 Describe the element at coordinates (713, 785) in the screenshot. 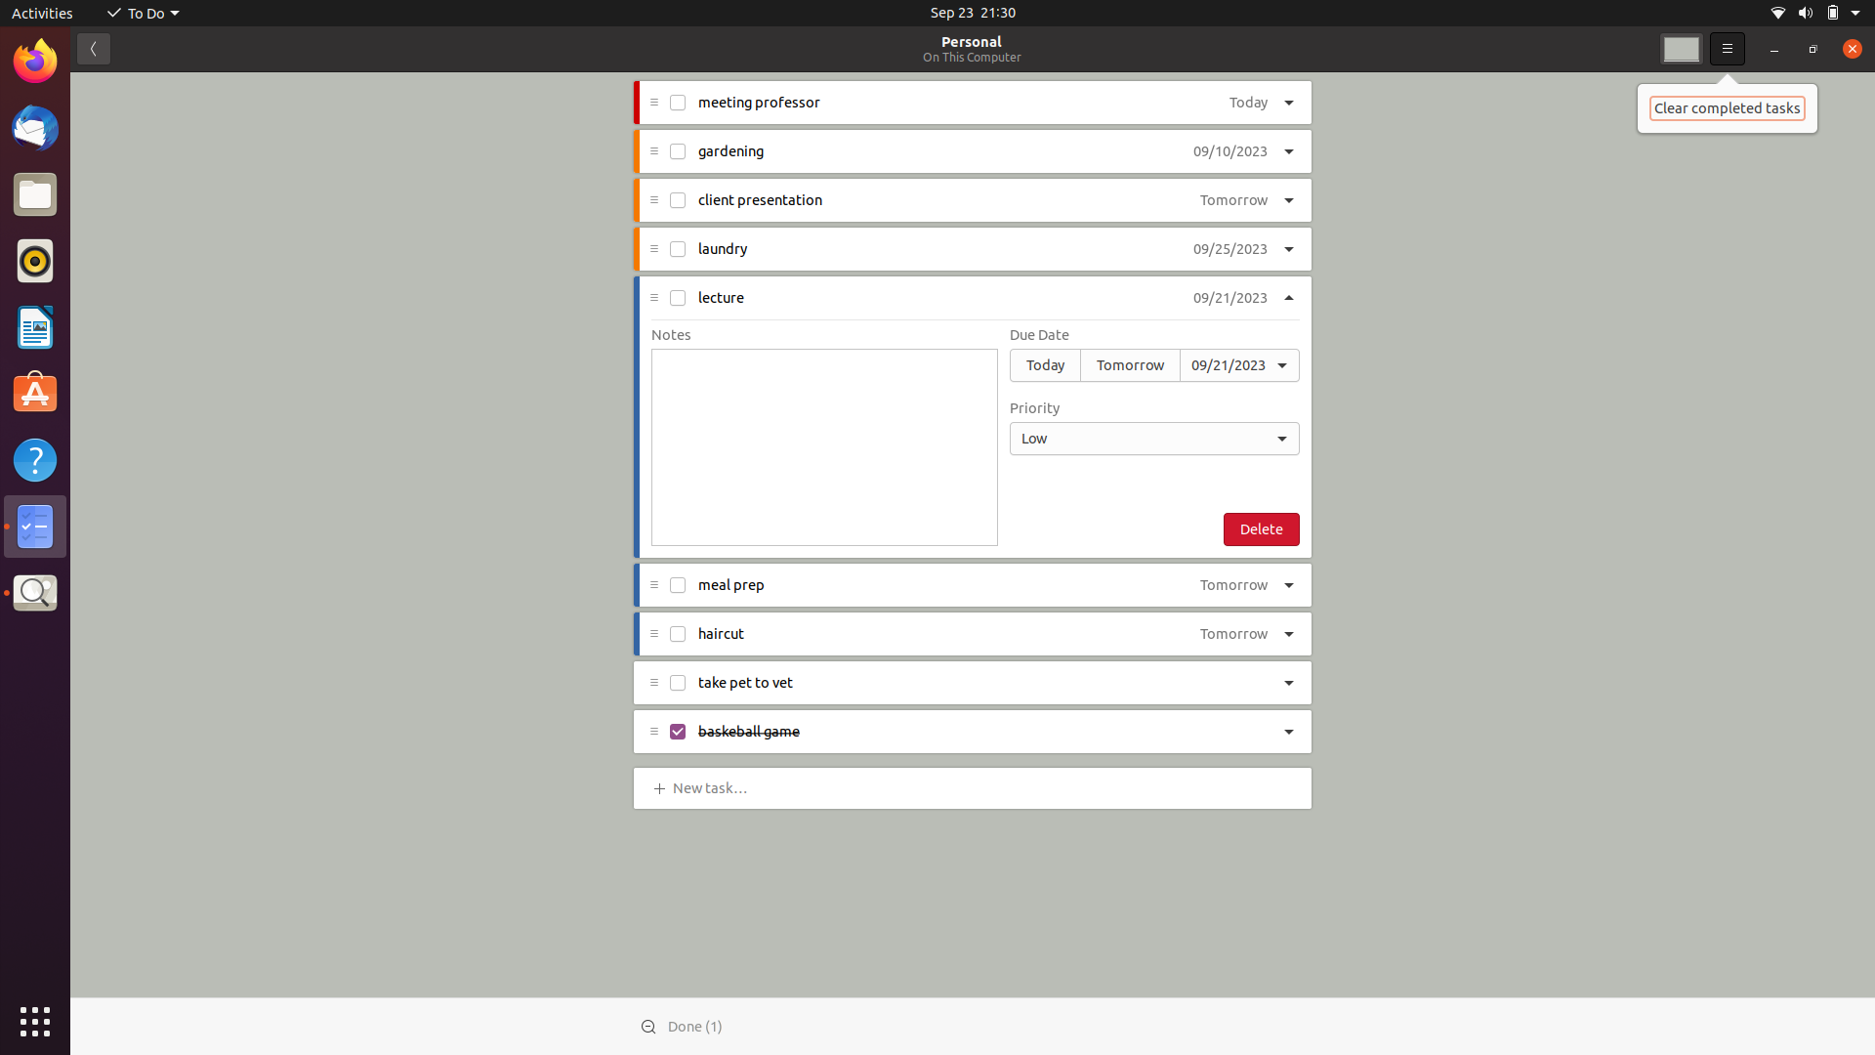

I see `the "new task" option` at that location.